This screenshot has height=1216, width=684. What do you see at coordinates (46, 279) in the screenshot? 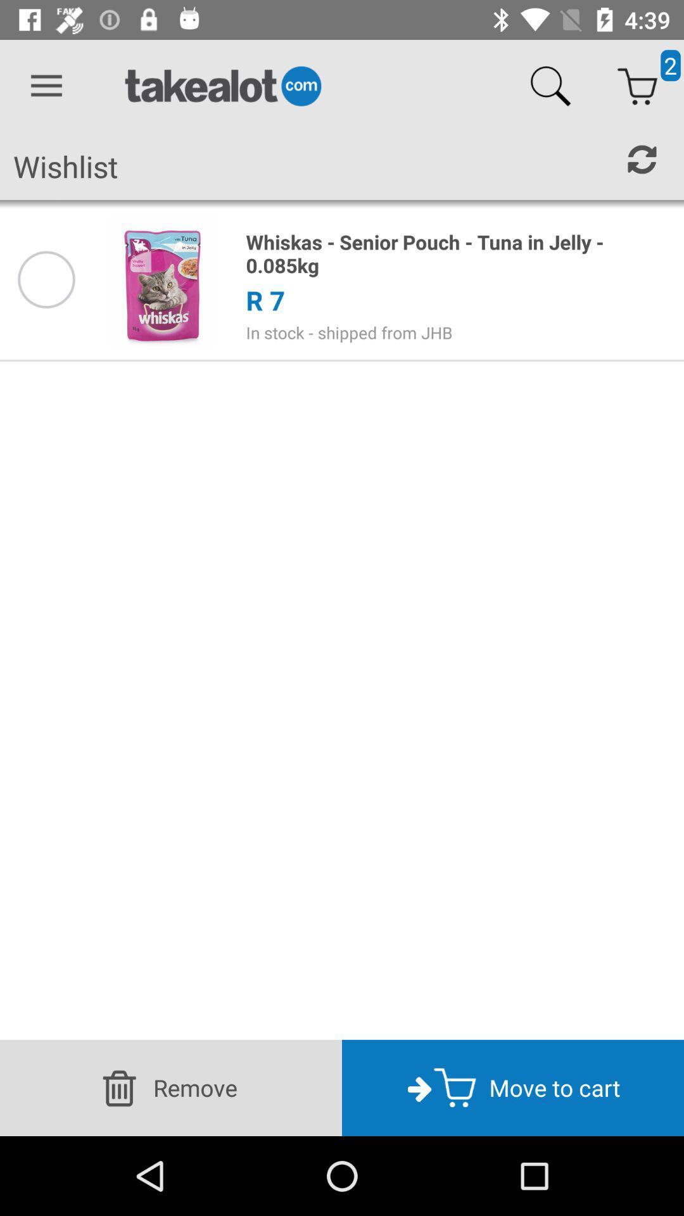
I see `product on wishlist` at bounding box center [46, 279].